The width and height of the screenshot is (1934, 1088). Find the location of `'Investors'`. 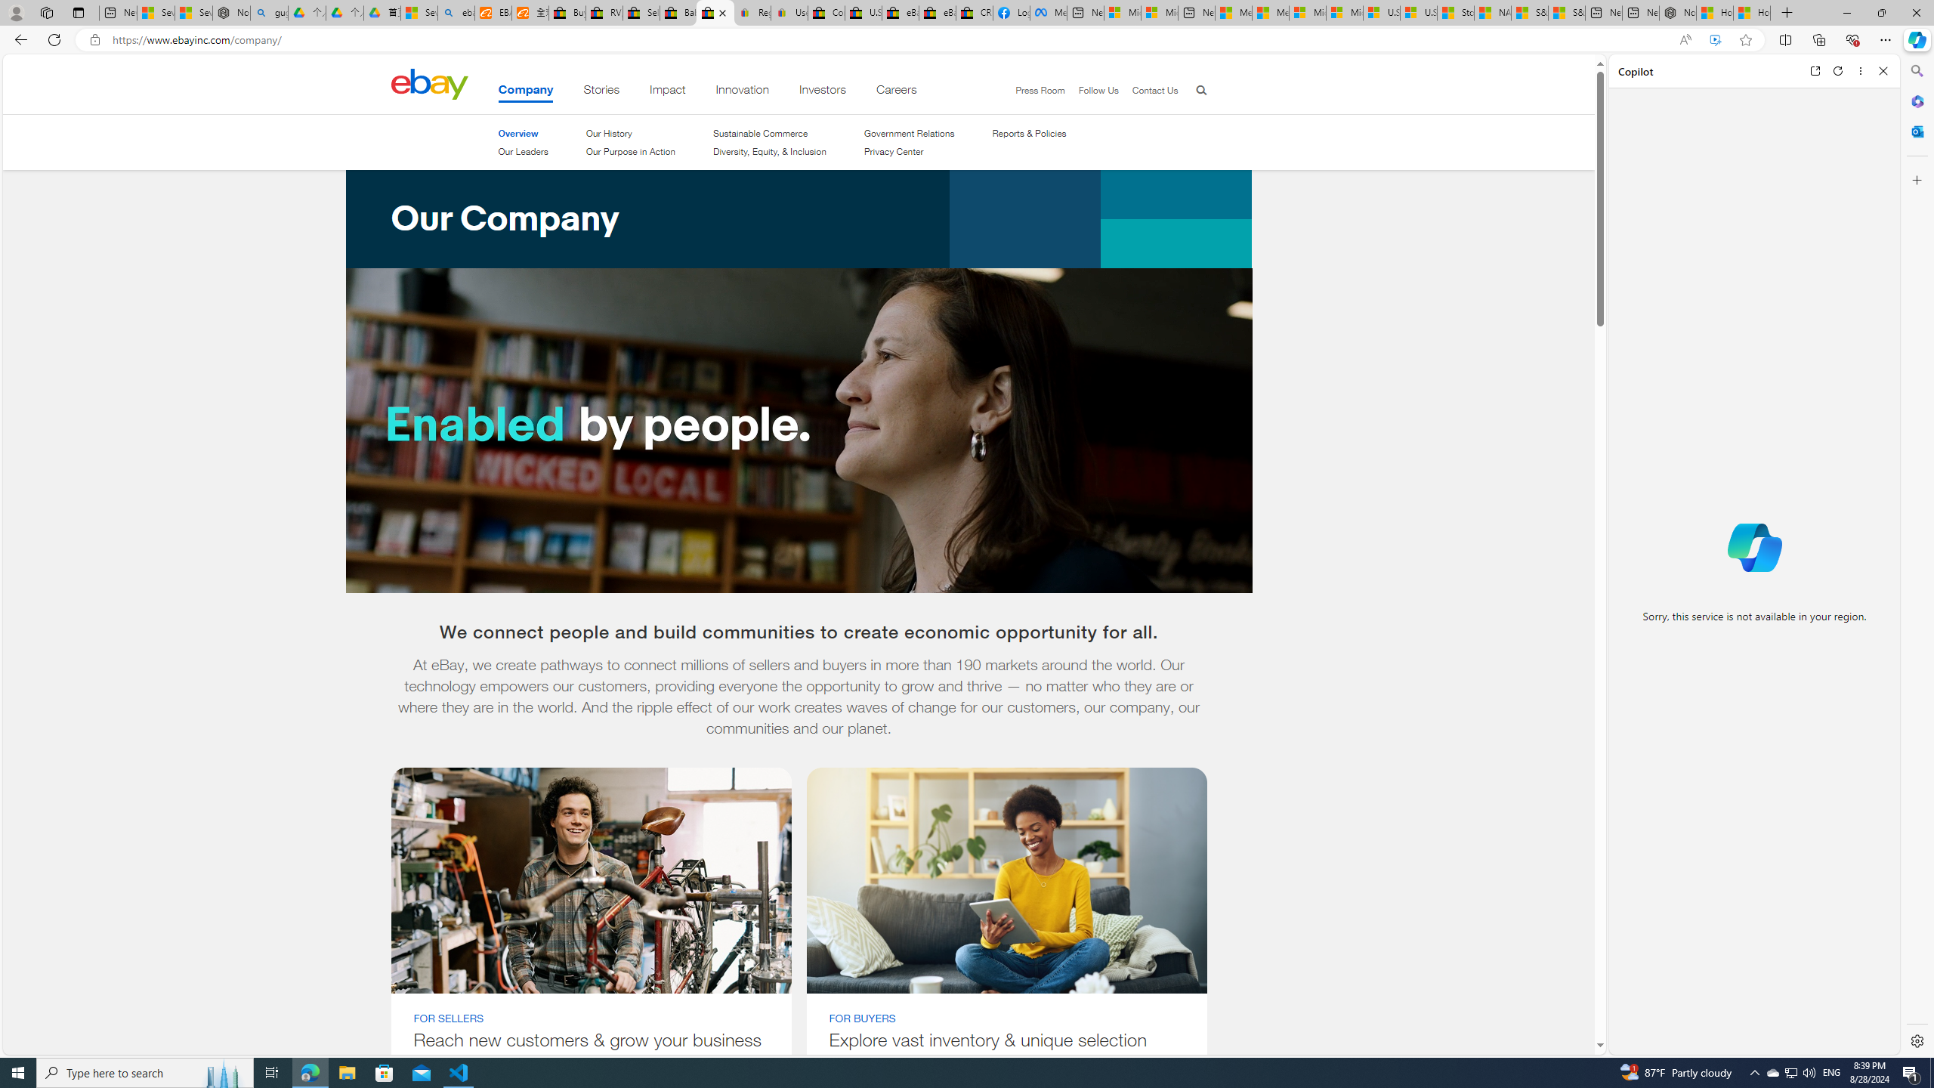

'Investors' is located at coordinates (822, 92).